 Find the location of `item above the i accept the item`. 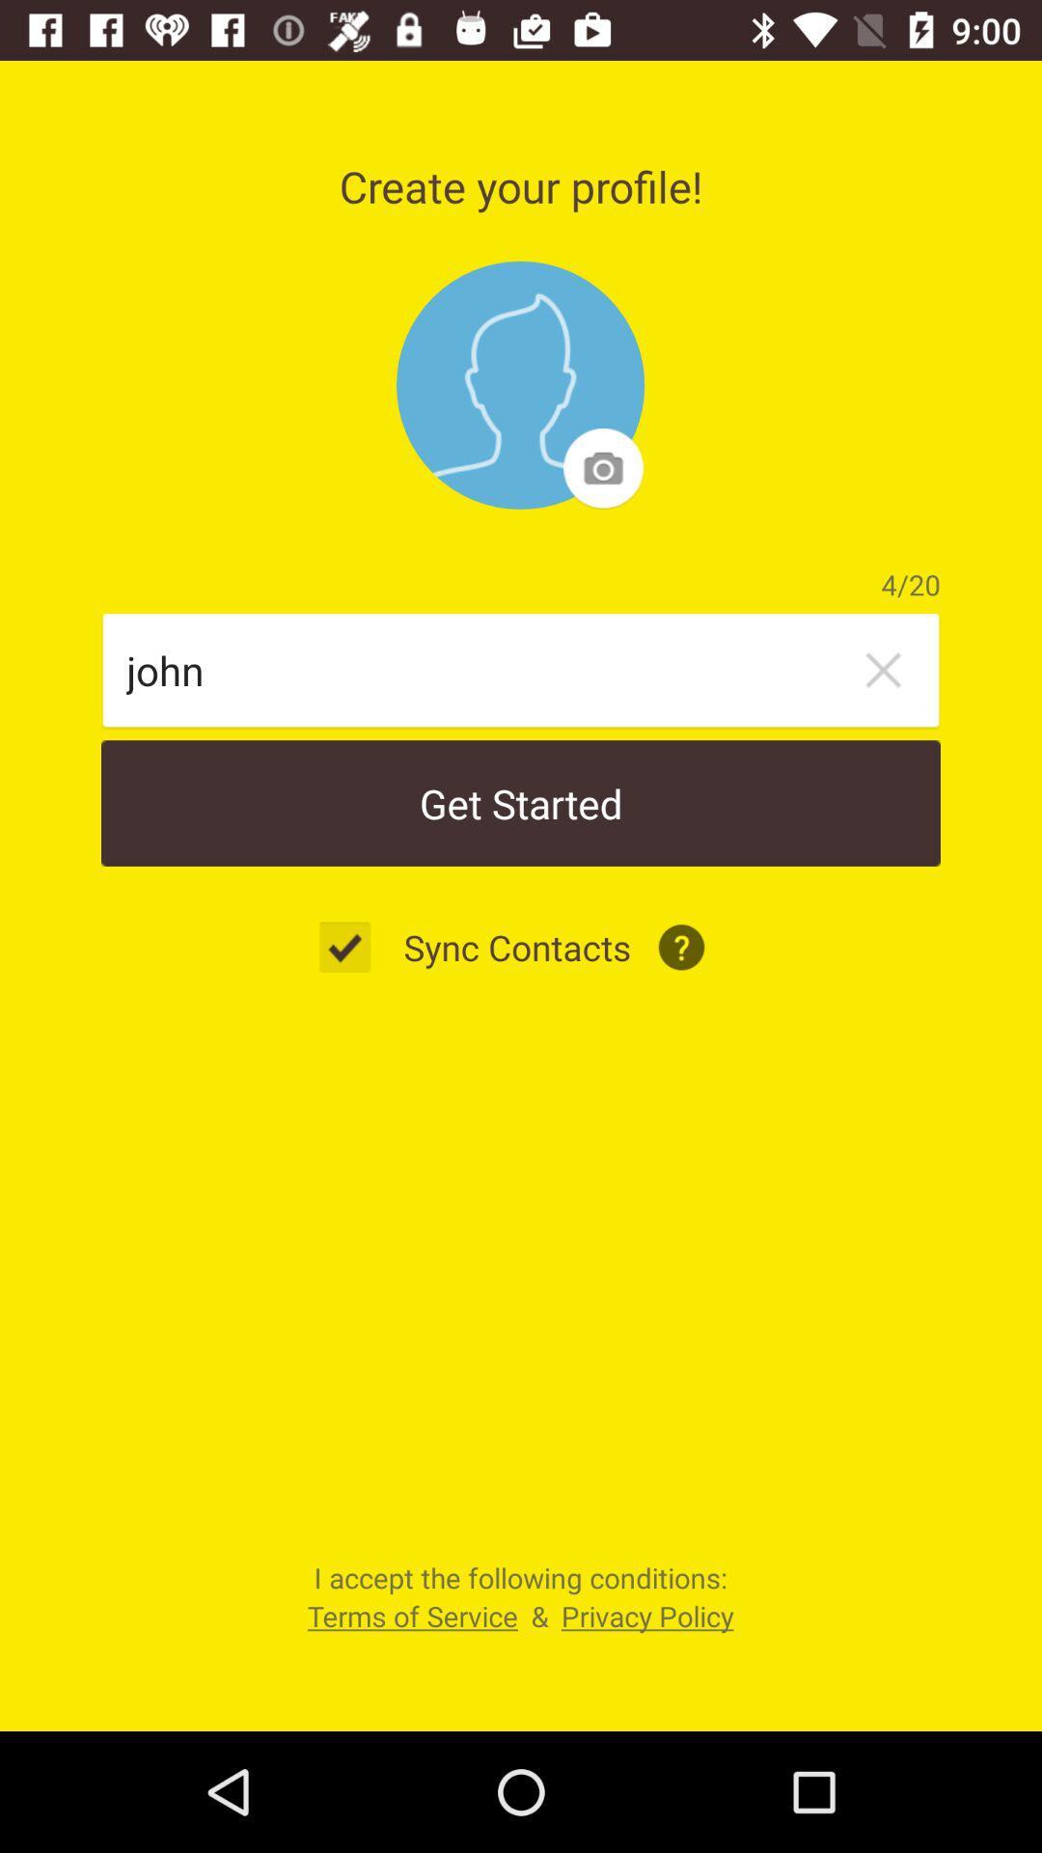

item above the i accept the item is located at coordinates (355, 947).